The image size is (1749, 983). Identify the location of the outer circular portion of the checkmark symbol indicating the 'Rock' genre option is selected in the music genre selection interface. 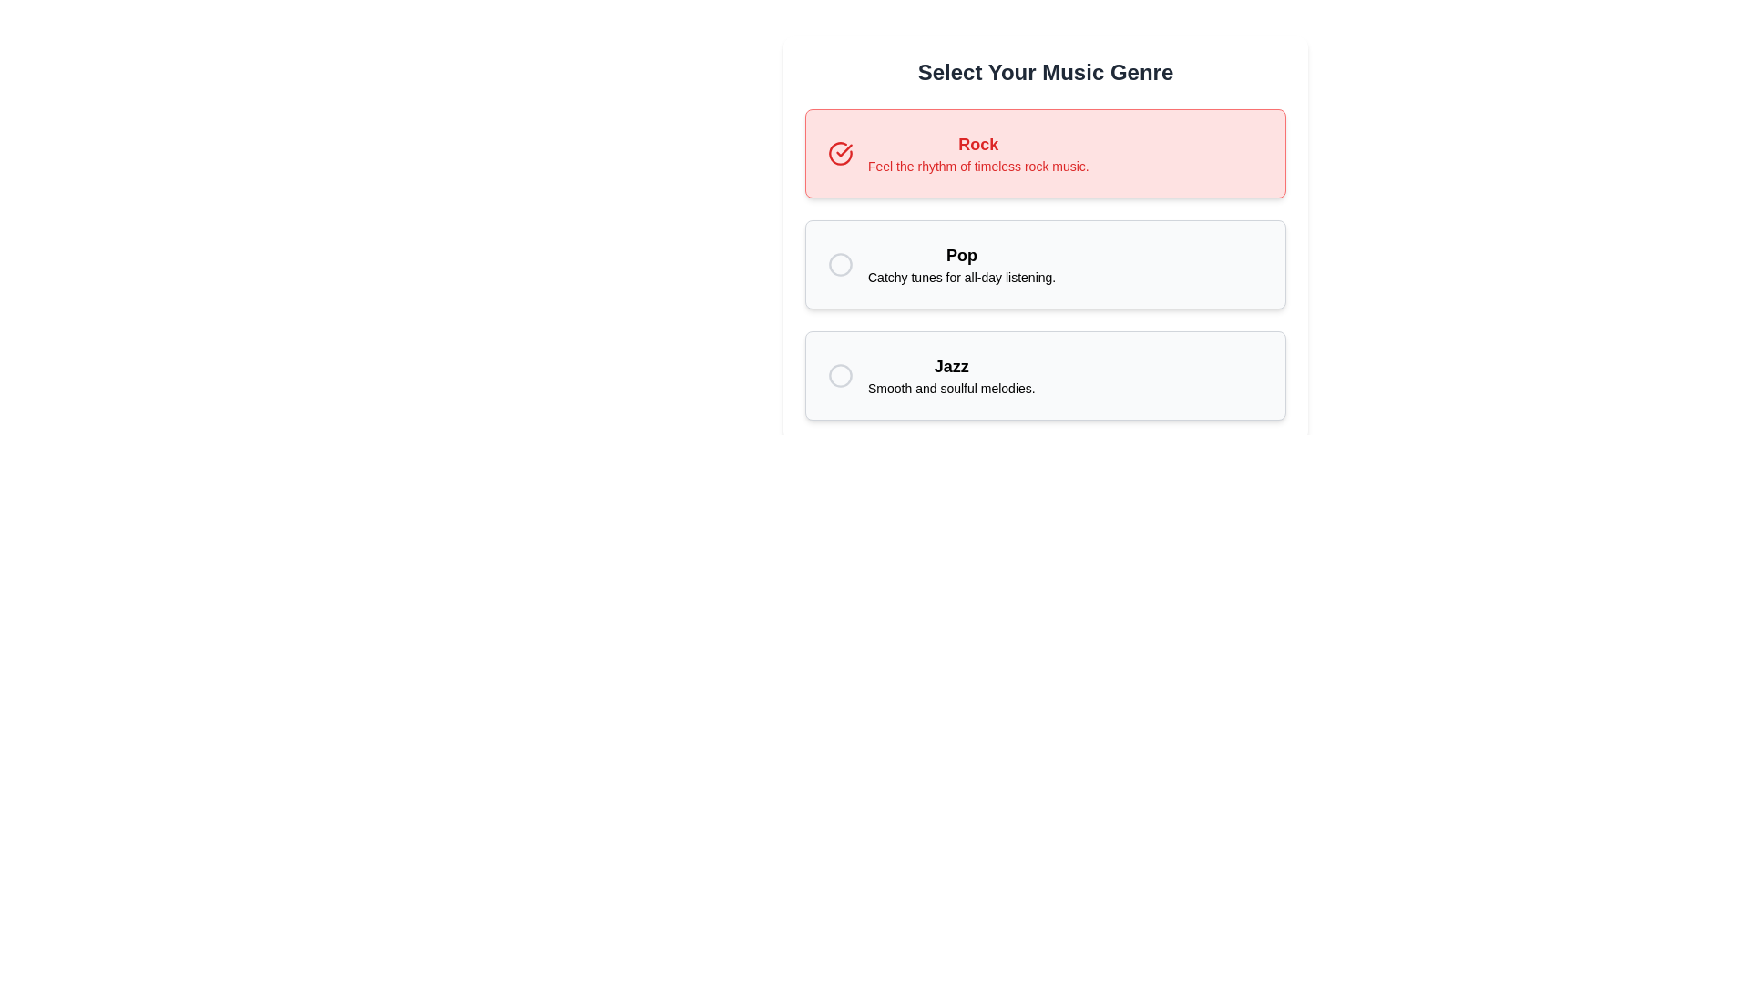
(839, 153).